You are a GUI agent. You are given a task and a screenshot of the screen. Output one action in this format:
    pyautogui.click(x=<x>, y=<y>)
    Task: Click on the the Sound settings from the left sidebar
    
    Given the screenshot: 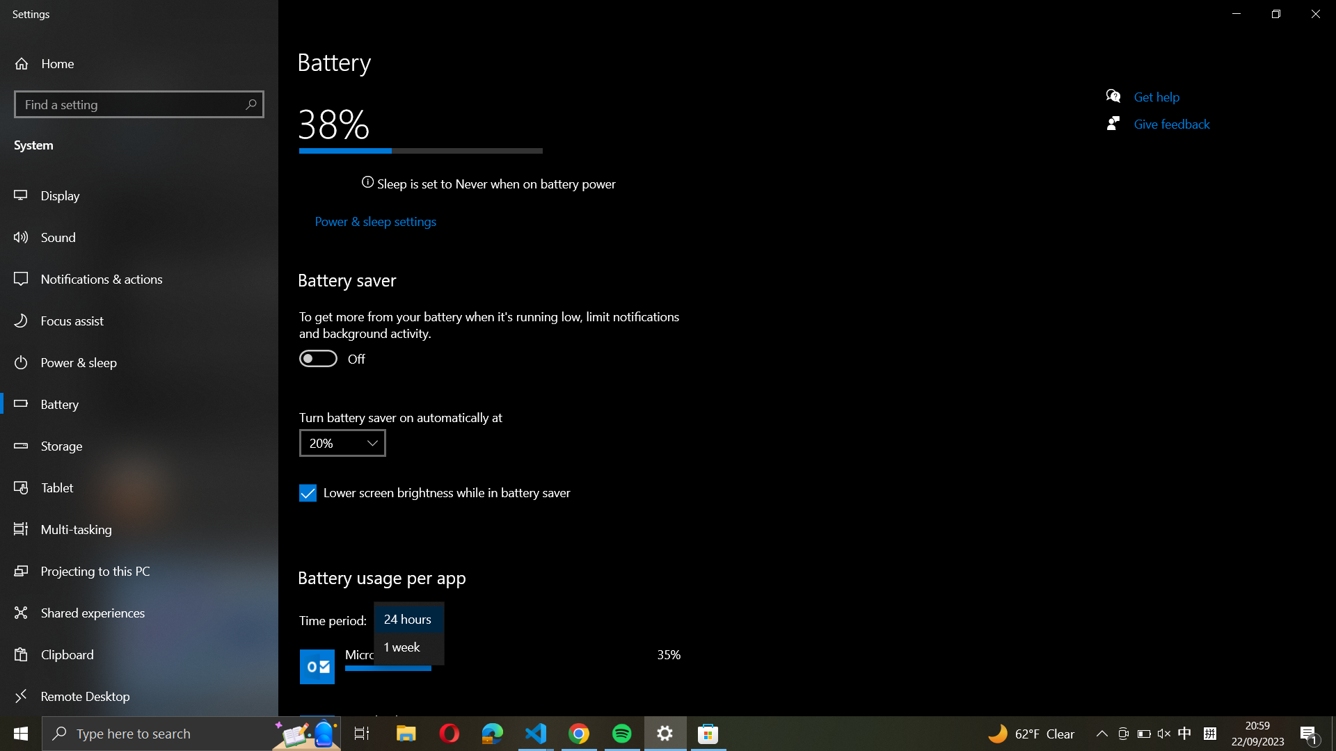 What is the action you would take?
    pyautogui.click(x=140, y=236)
    